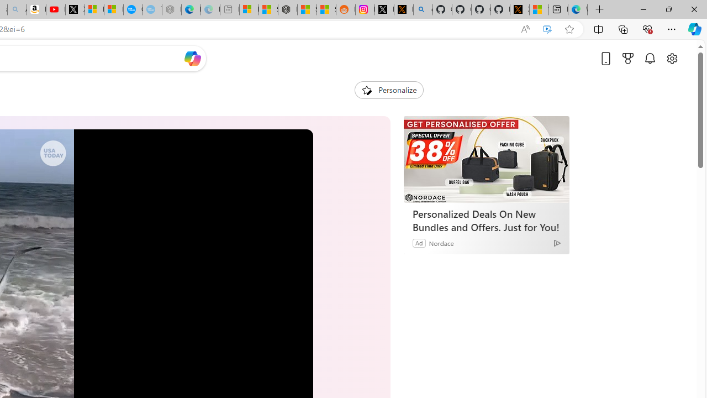 The image size is (707, 398). I want to click on 'Shanghai, China Weather trends | Microsoft Weather', so click(325, 9).